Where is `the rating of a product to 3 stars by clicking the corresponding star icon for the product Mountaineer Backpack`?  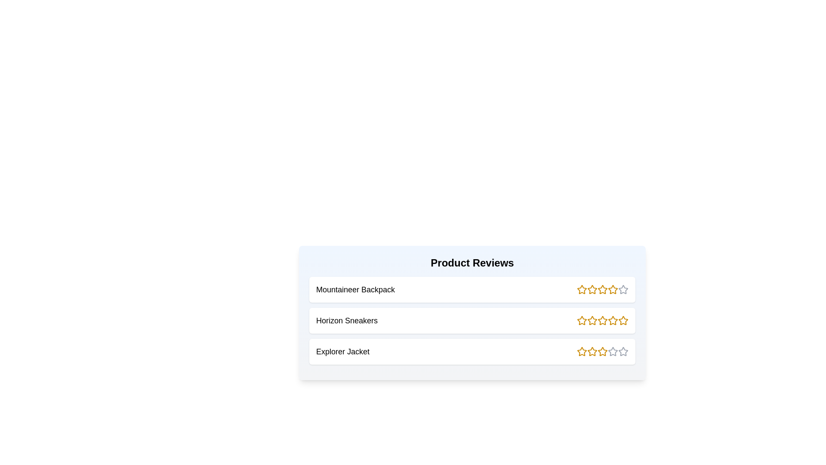
the rating of a product to 3 stars by clicking the corresponding star icon for the product Mountaineer Backpack is located at coordinates (602, 289).